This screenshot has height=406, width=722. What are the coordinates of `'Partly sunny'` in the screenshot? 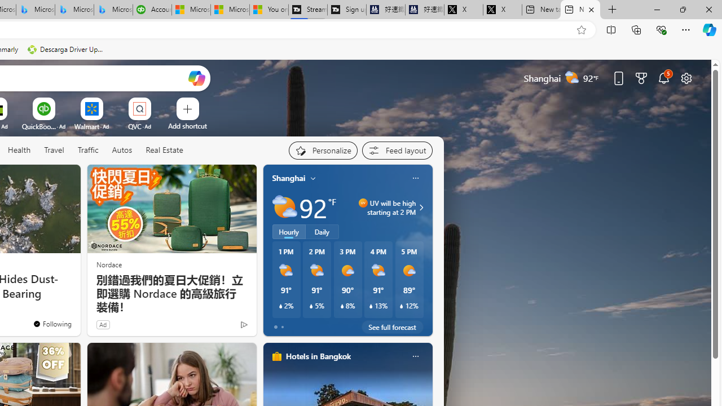 It's located at (284, 208).